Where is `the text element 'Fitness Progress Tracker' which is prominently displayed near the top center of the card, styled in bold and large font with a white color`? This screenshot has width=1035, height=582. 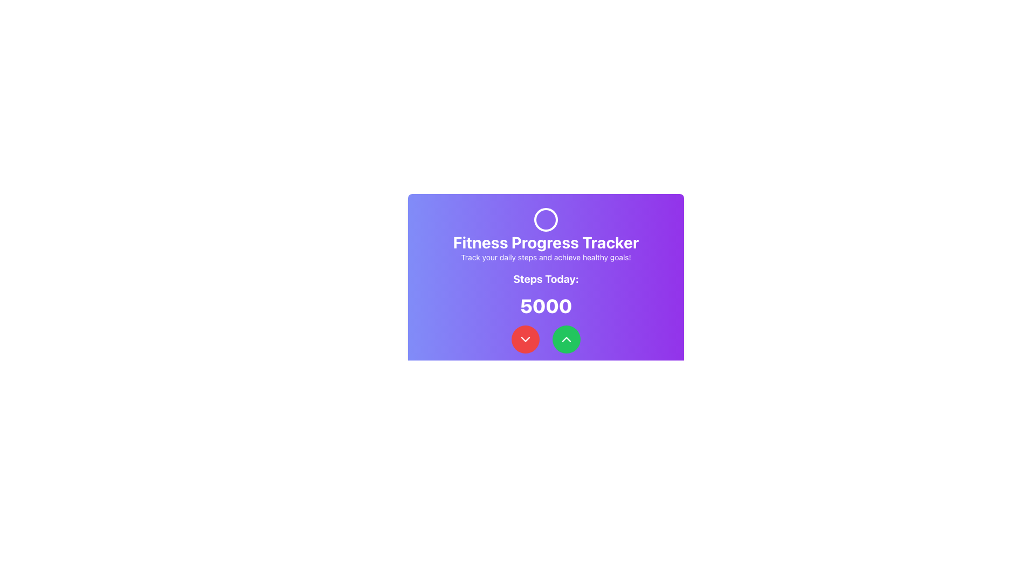 the text element 'Fitness Progress Tracker' which is prominently displayed near the top center of the card, styled in bold and large font with a white color is located at coordinates (546, 242).